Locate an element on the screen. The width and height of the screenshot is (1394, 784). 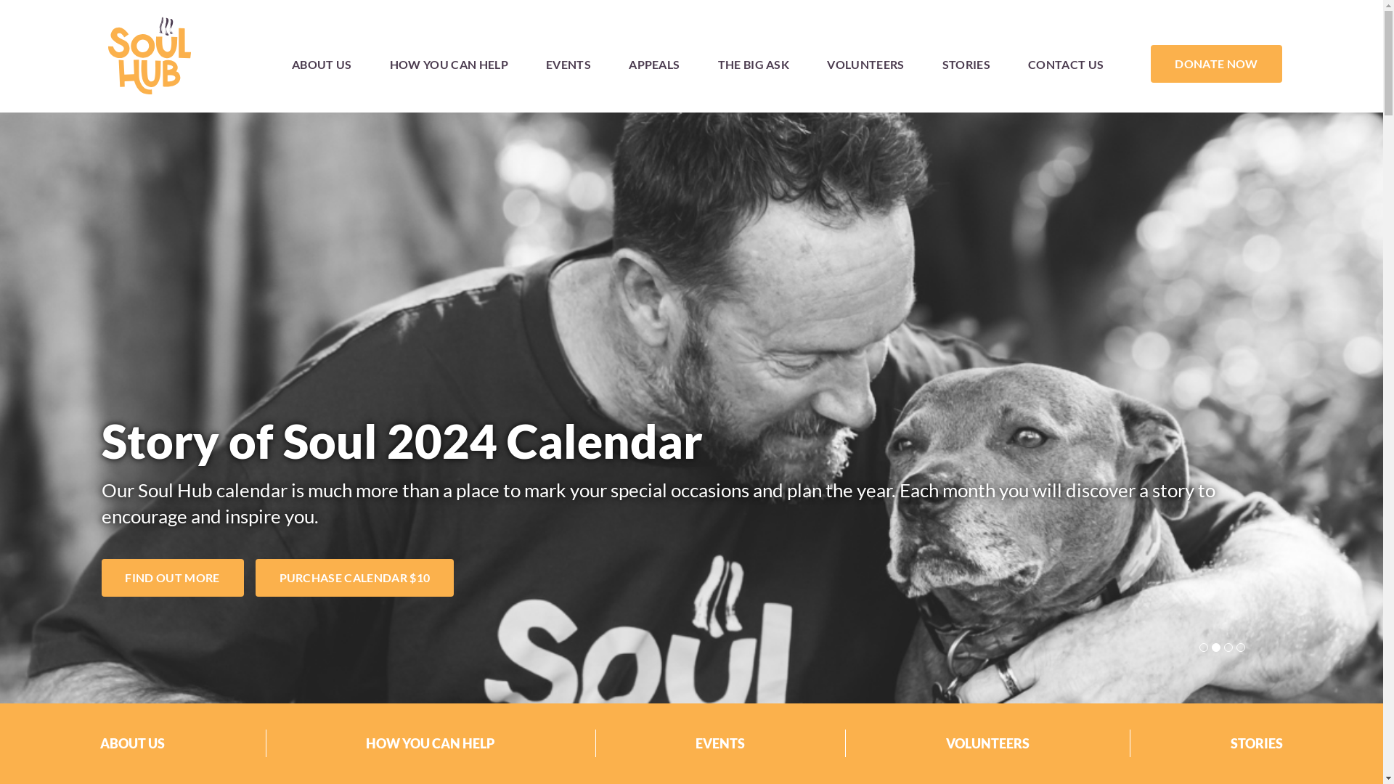
'CONTACT US' is located at coordinates (1066, 62).